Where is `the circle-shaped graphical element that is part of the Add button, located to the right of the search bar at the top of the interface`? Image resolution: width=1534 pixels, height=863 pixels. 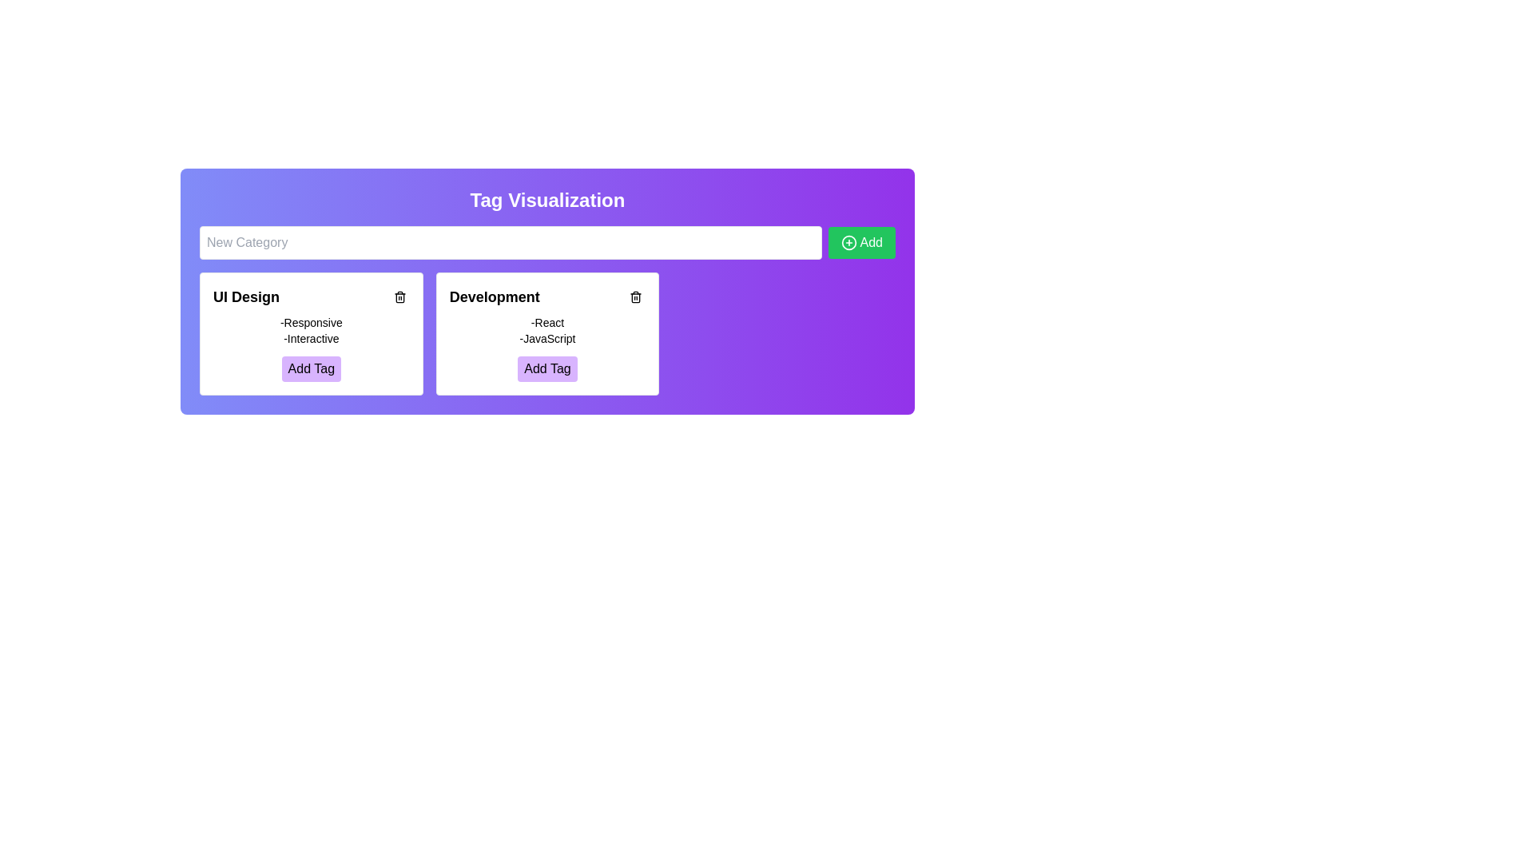 the circle-shaped graphical element that is part of the Add button, located to the right of the search bar at the top of the interface is located at coordinates (848, 243).